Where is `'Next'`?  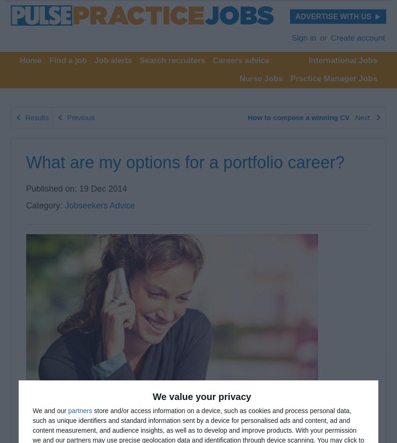
'Next' is located at coordinates (354, 117).